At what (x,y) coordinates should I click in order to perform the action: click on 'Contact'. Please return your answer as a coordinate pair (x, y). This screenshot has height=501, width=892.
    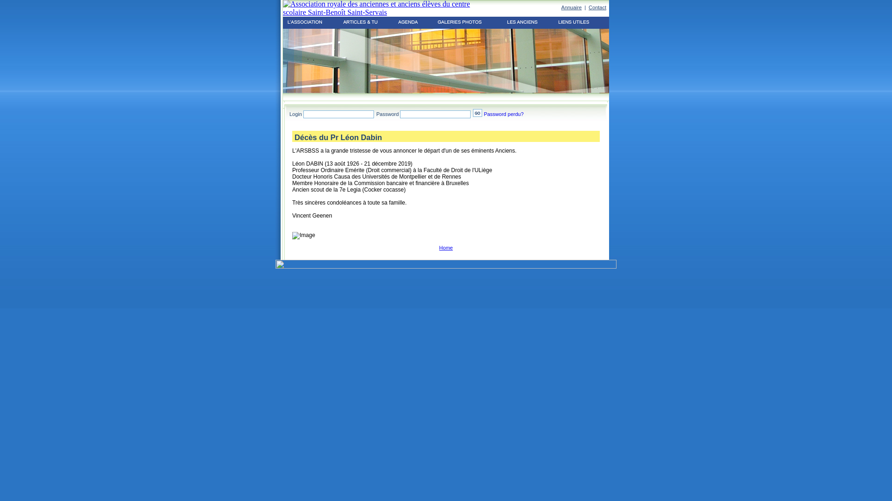
    Looking at the image, I should click on (597, 7).